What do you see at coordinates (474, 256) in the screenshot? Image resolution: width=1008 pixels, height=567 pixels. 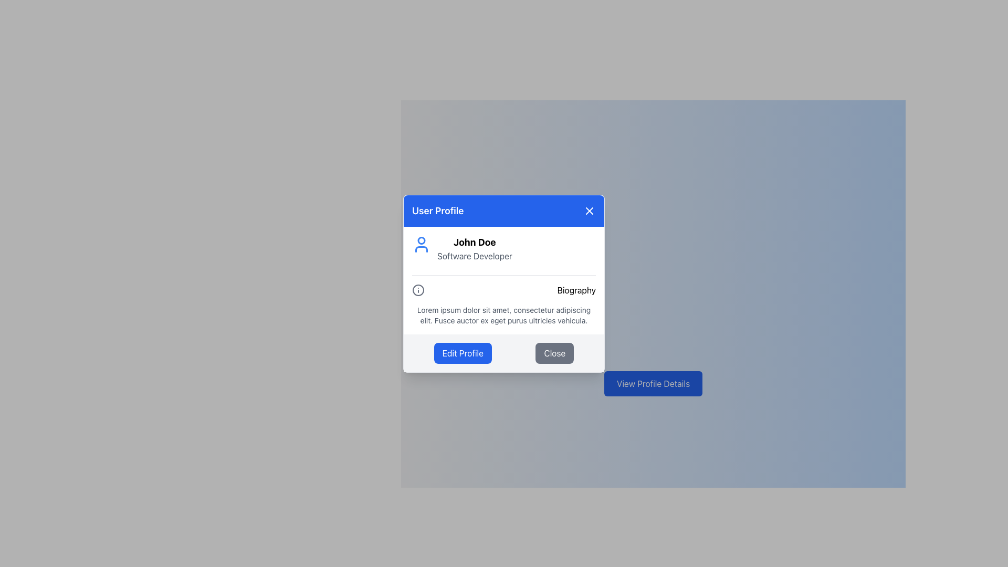 I see `text label indicating the professional occupation or title of the user 'John Doe' that is positioned directly below the name within the user profile card interface` at bounding box center [474, 256].